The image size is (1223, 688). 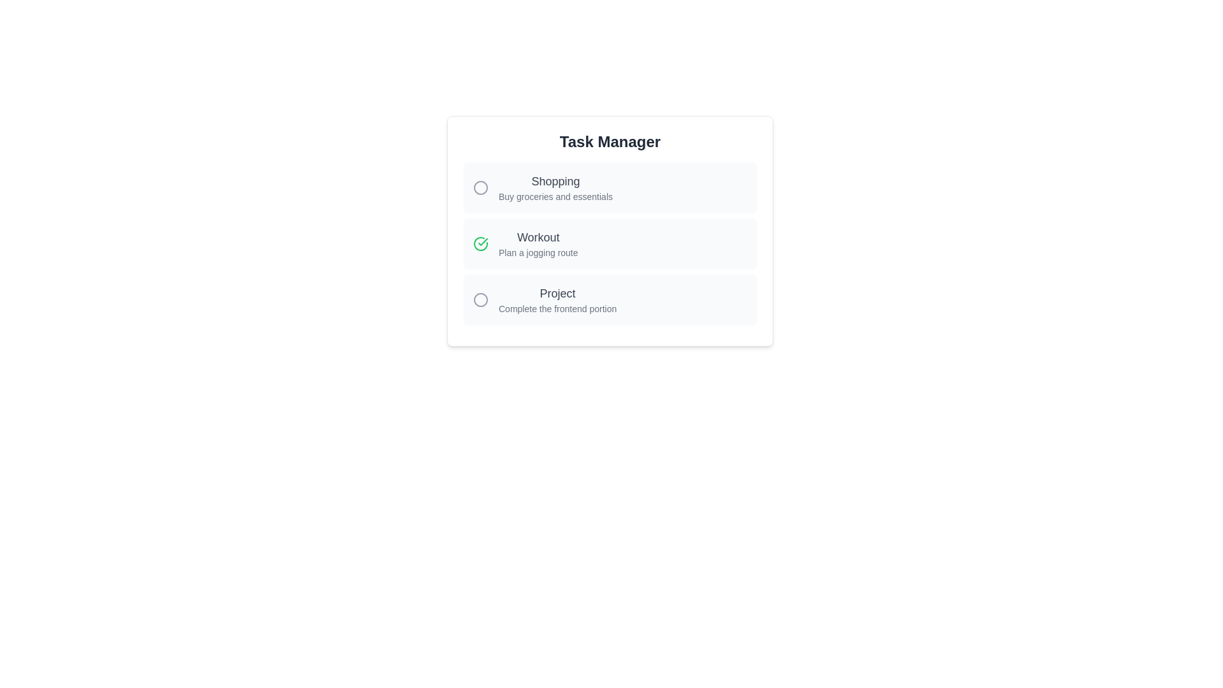 I want to click on the task name text for Workout, so click(x=538, y=238).